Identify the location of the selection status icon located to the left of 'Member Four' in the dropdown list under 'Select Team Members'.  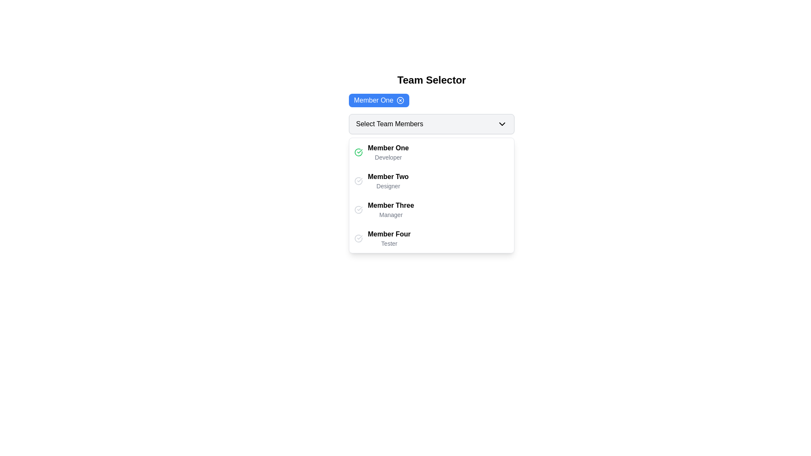
(359, 238).